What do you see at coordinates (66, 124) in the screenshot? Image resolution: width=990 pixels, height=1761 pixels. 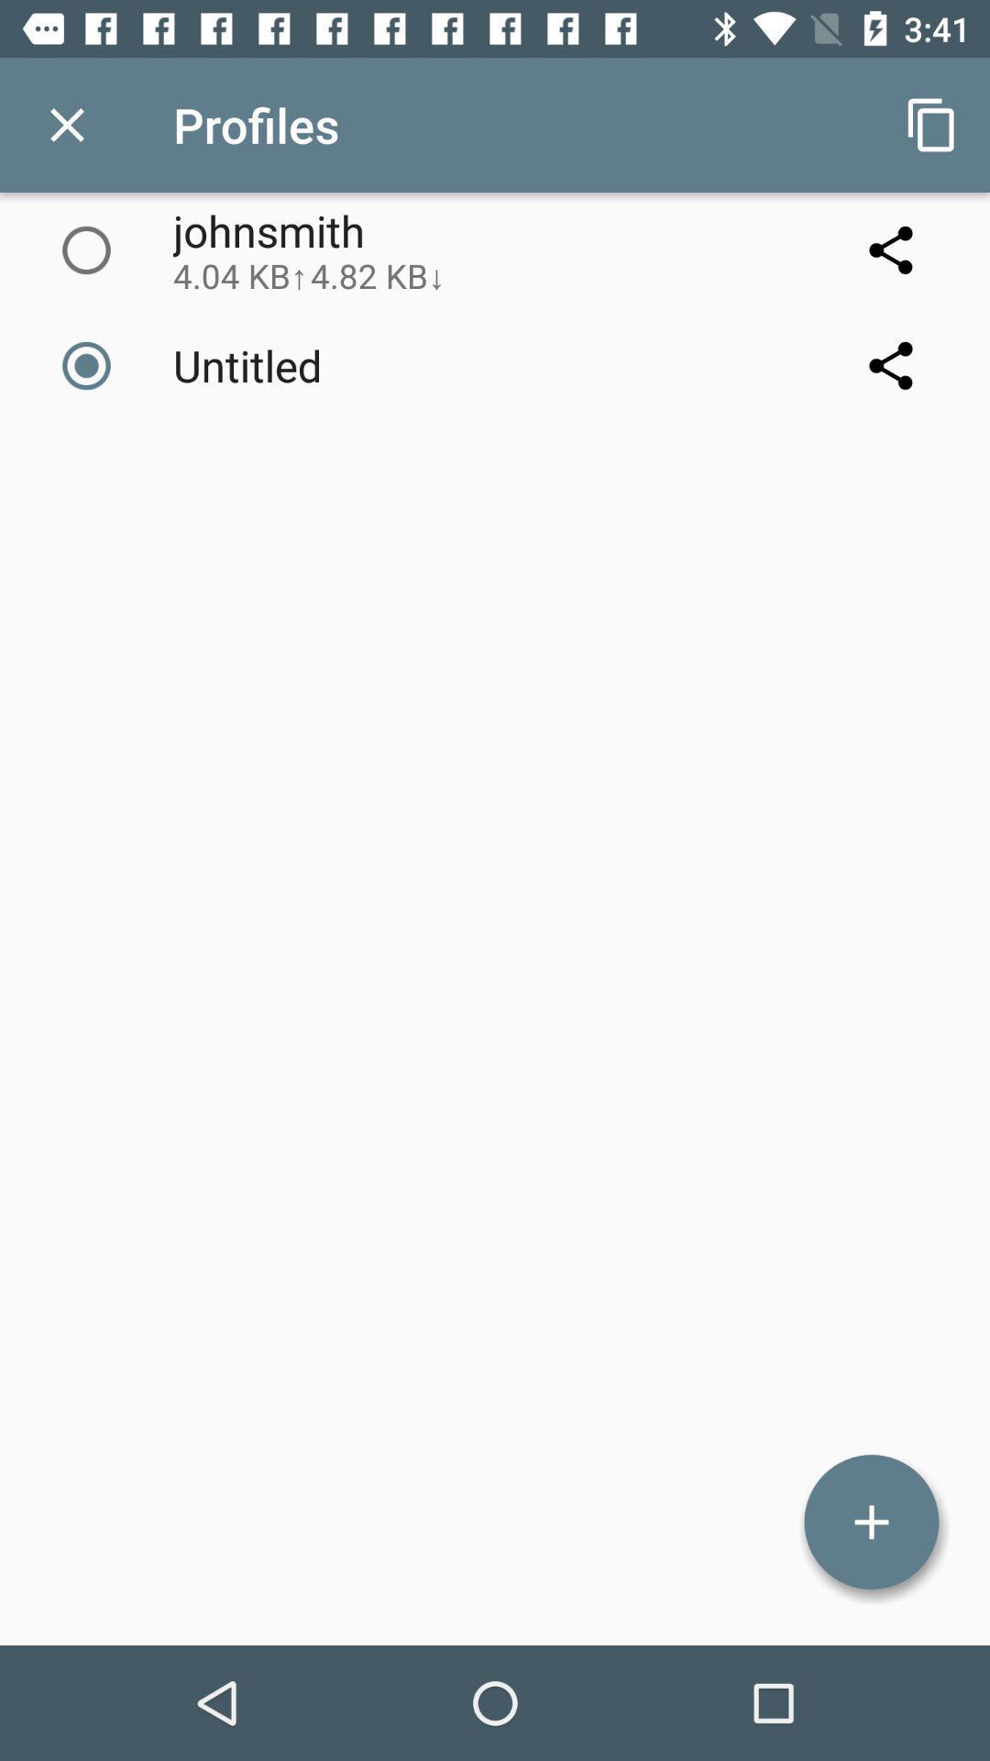 I see `page` at bounding box center [66, 124].